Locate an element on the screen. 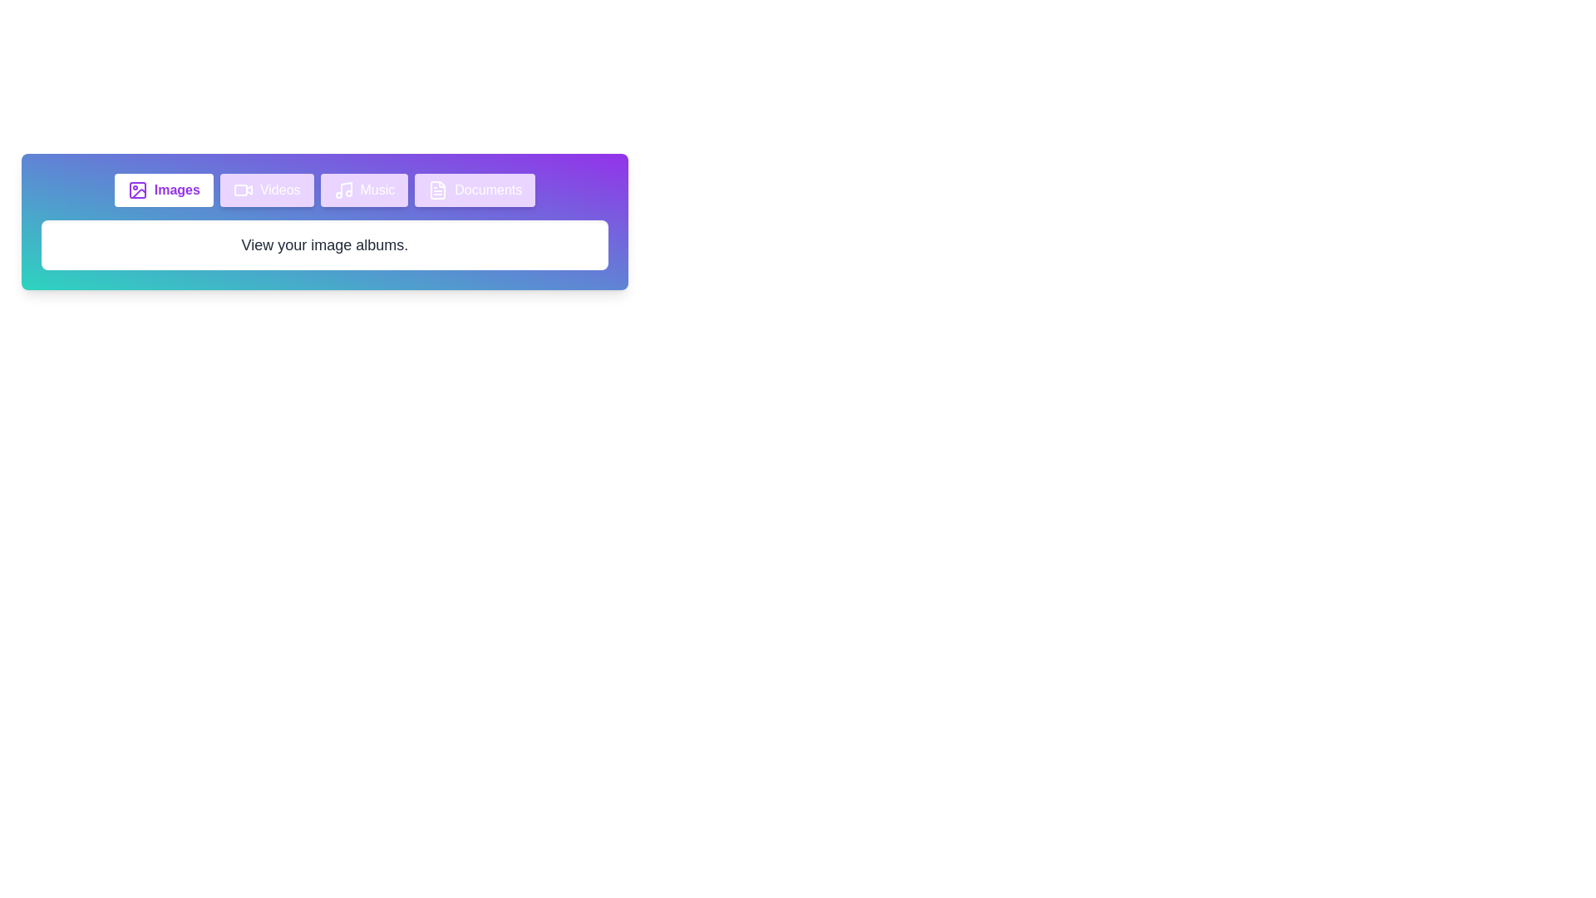  the Documents tab to view its content is located at coordinates (474, 189).